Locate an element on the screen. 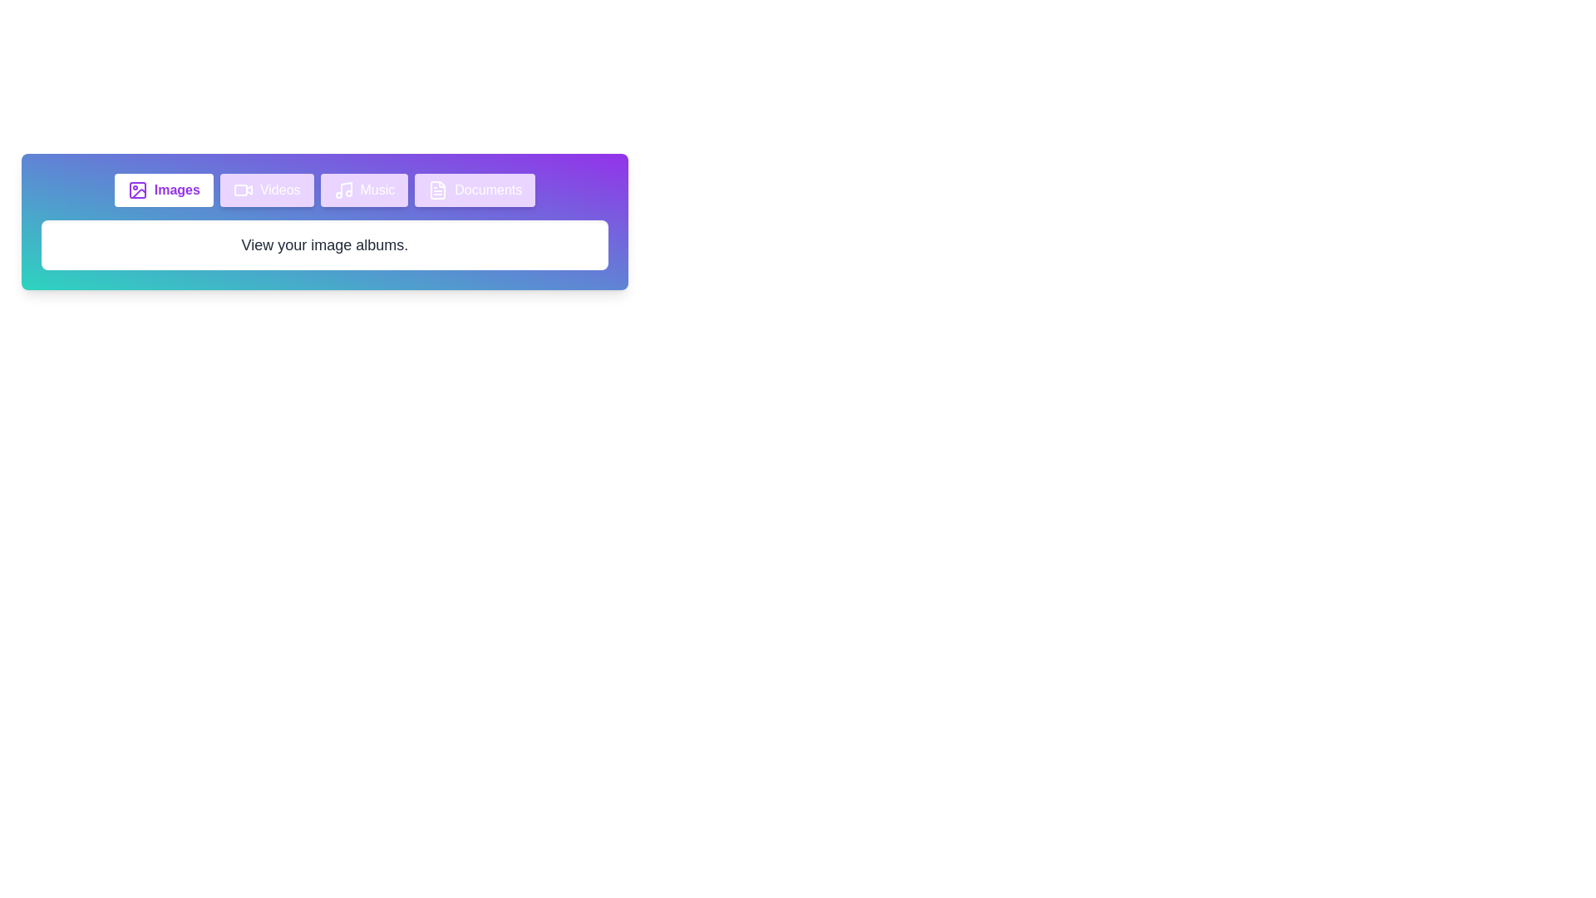  the Documents tab to view its content is located at coordinates (474, 189).